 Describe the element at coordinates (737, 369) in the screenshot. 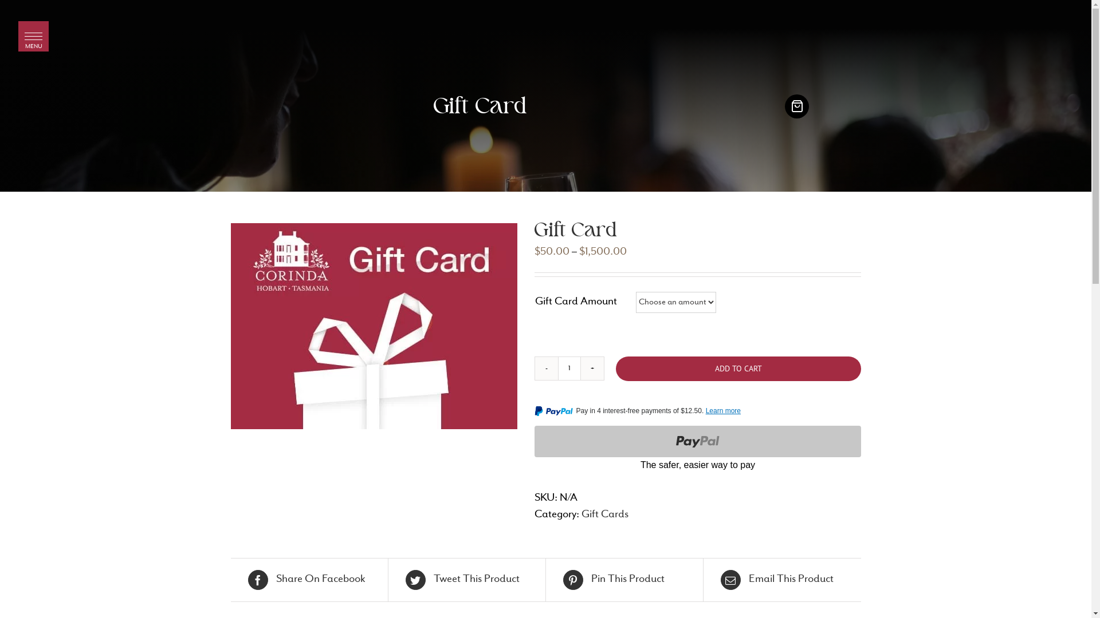

I see `'ADD TO CART'` at that location.